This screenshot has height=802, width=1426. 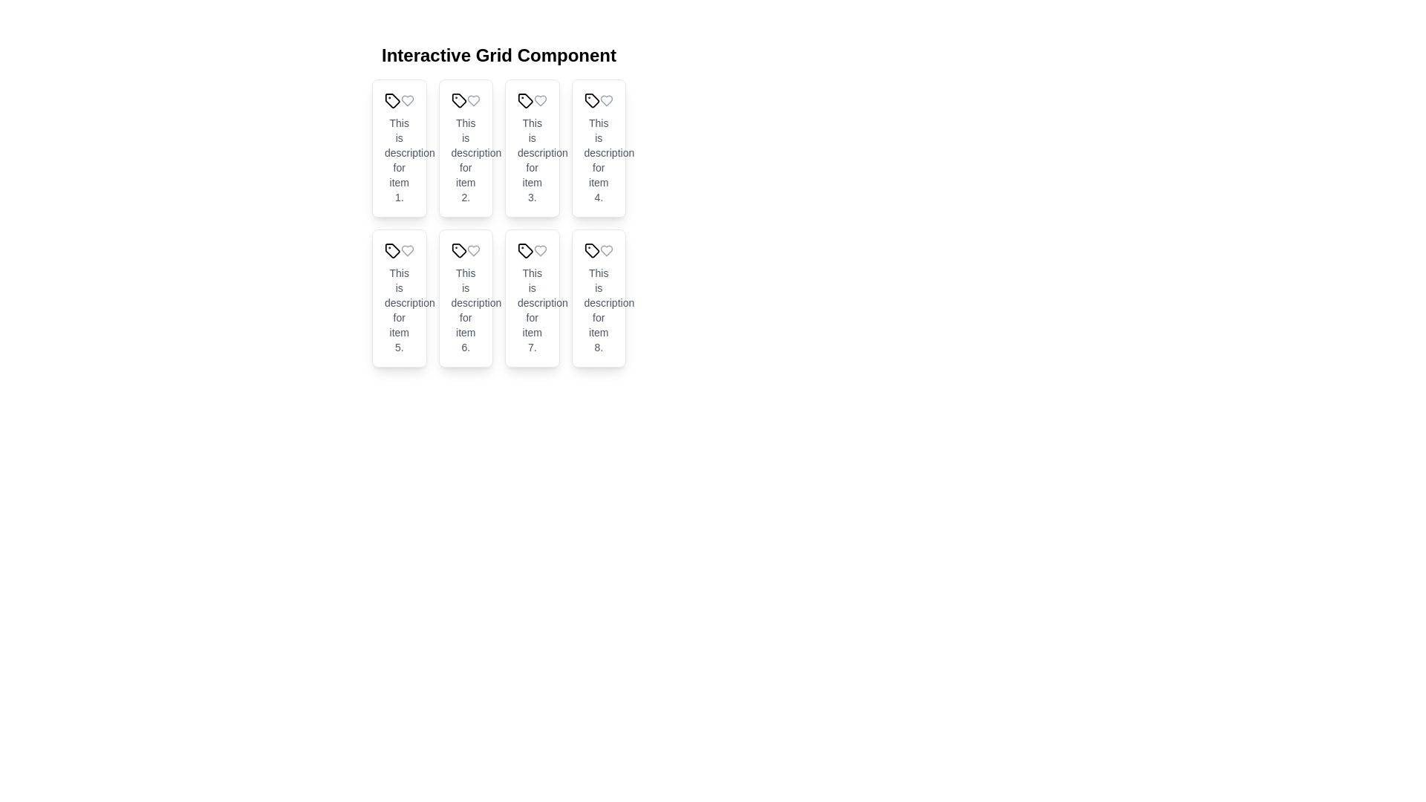 What do you see at coordinates (539, 100) in the screenshot?
I see `the heart icon button located in the top-right corner of the third tile in a grid of eight tiles arranged in two rows of four` at bounding box center [539, 100].